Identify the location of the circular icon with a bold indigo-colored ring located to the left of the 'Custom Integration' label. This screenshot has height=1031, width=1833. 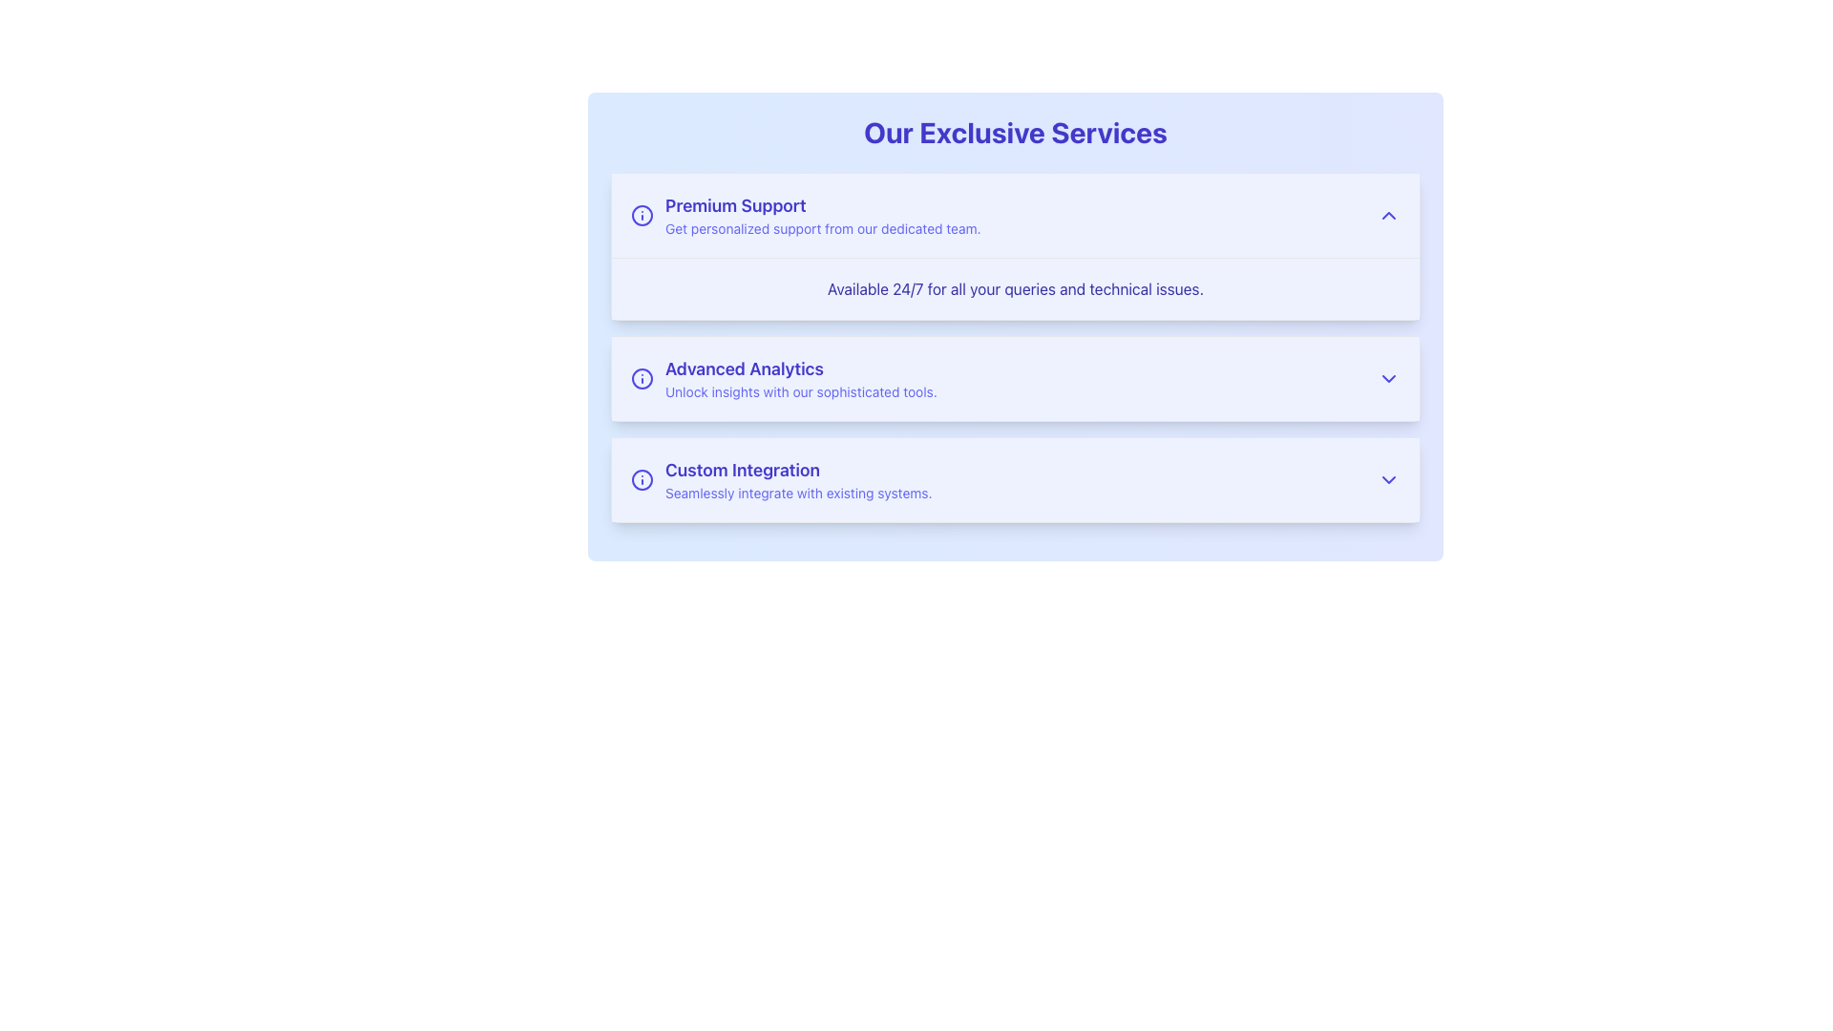
(642, 478).